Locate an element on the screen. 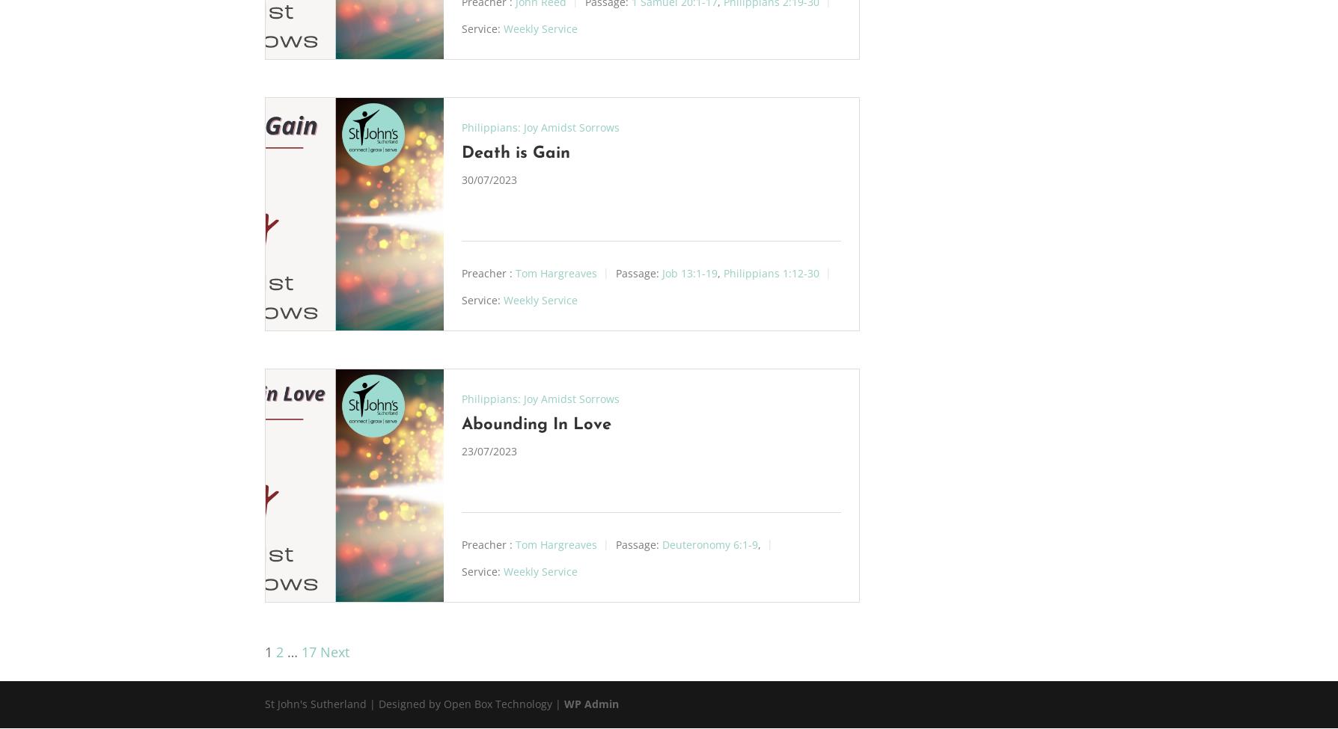  '2' is located at coordinates (279, 652).